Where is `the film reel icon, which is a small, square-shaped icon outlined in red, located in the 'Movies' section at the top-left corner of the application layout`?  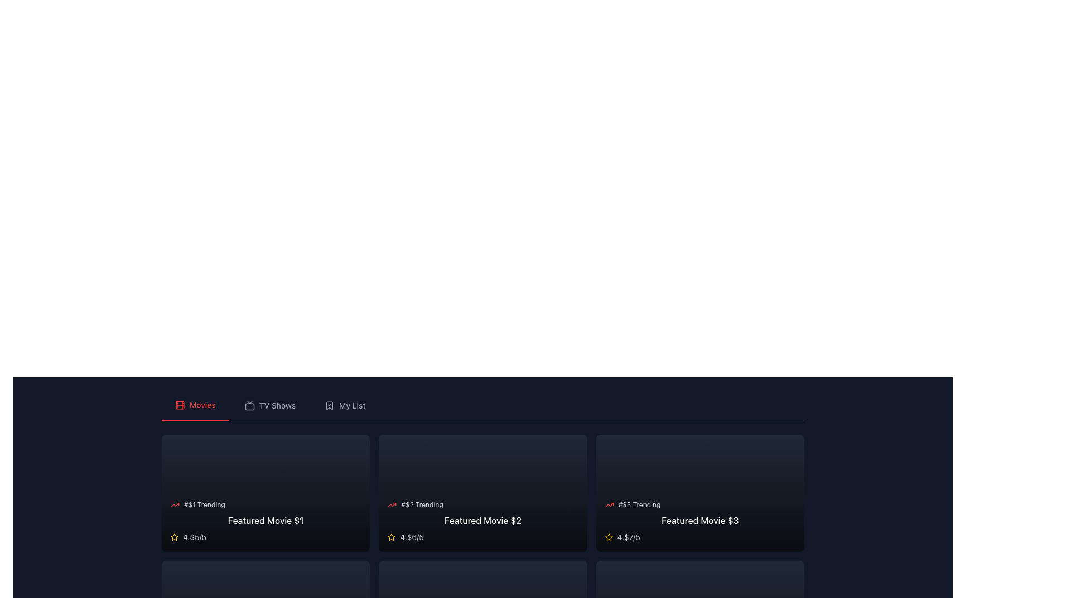
the film reel icon, which is a small, square-shaped icon outlined in red, located in the 'Movies' section at the top-left corner of the application layout is located at coordinates (180, 405).